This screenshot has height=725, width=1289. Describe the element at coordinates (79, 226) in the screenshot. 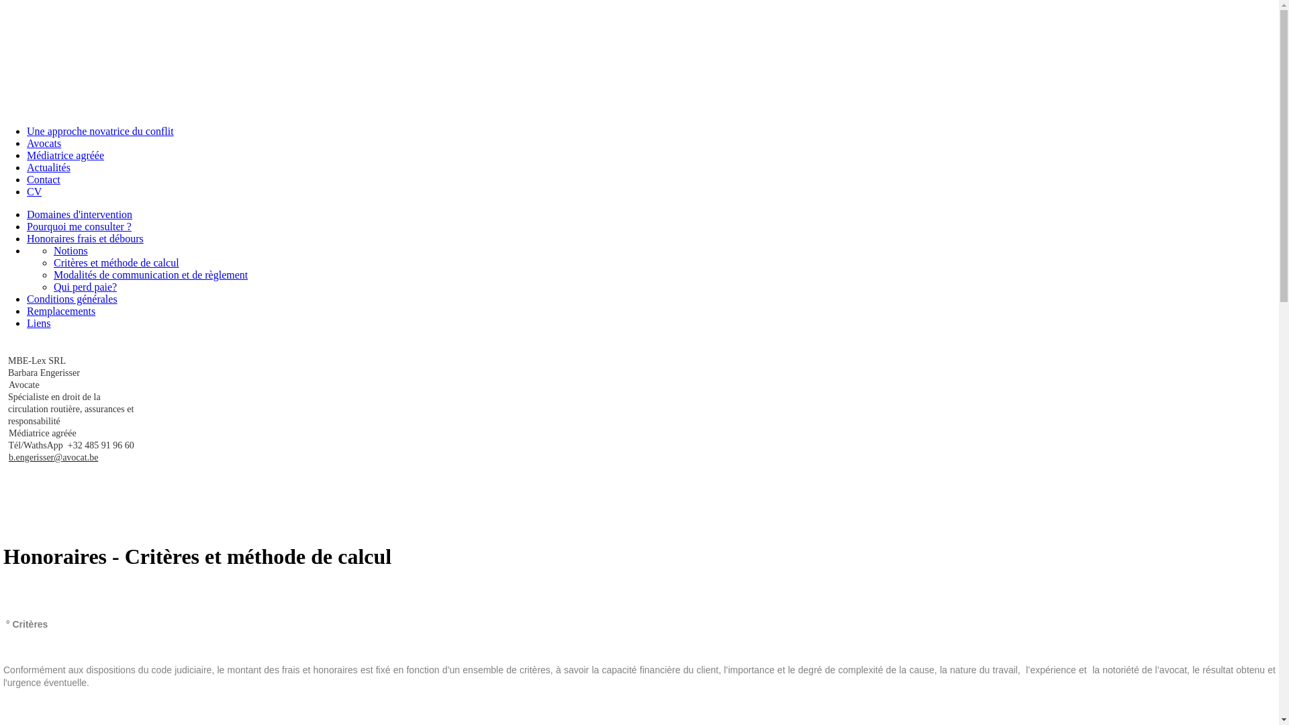

I see `'Pourquoi me consulter ?'` at that location.